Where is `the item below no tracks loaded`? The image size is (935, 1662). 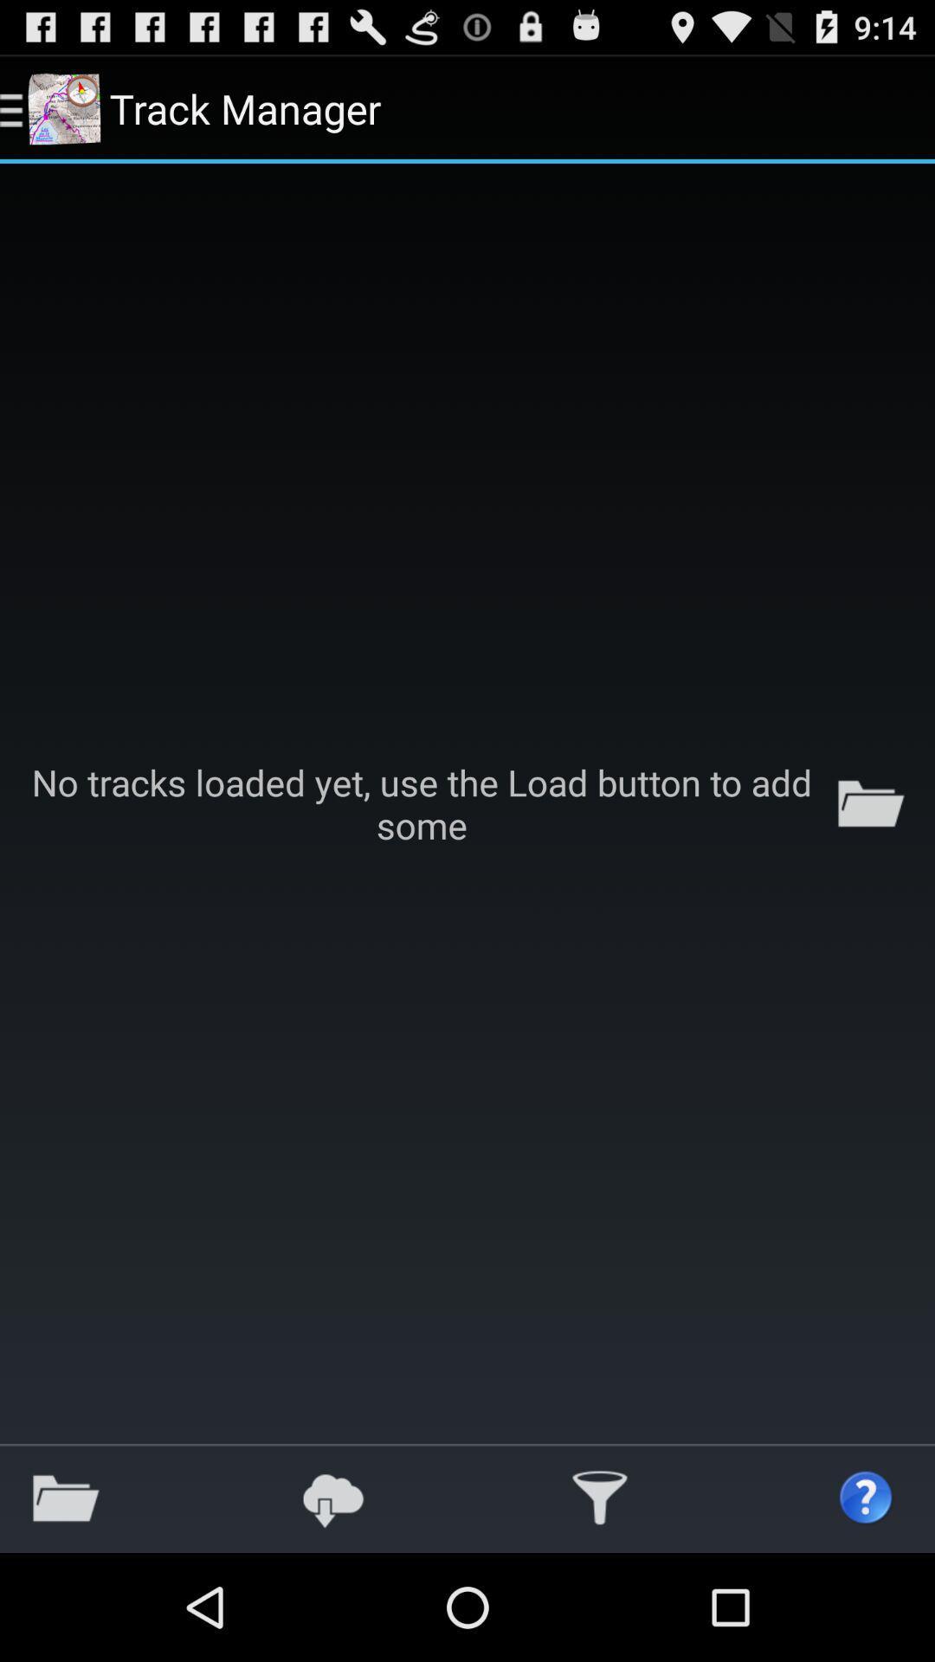 the item below no tracks loaded is located at coordinates (867, 1498).